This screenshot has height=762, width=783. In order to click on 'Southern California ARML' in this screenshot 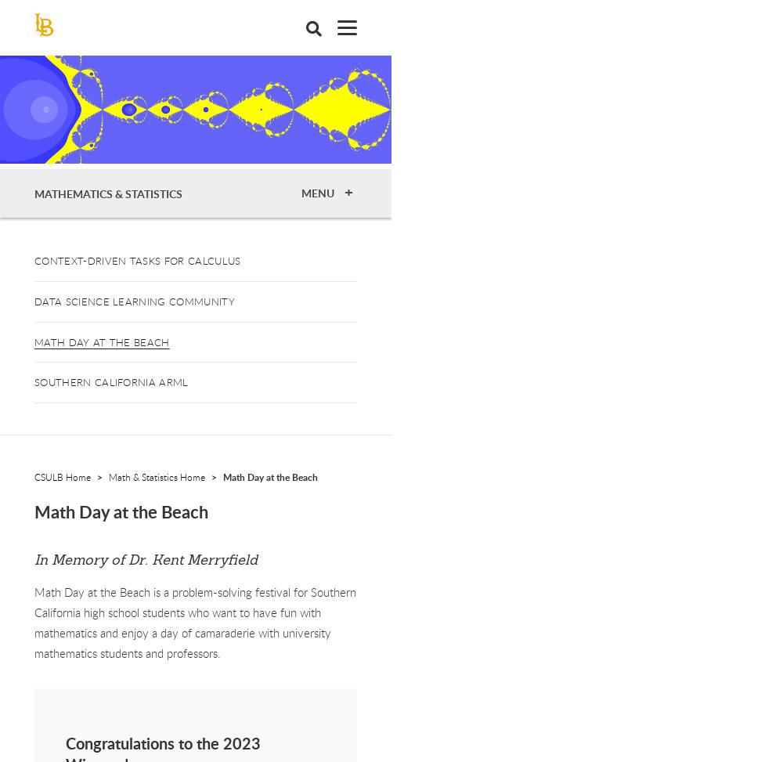, I will do `click(111, 381)`.